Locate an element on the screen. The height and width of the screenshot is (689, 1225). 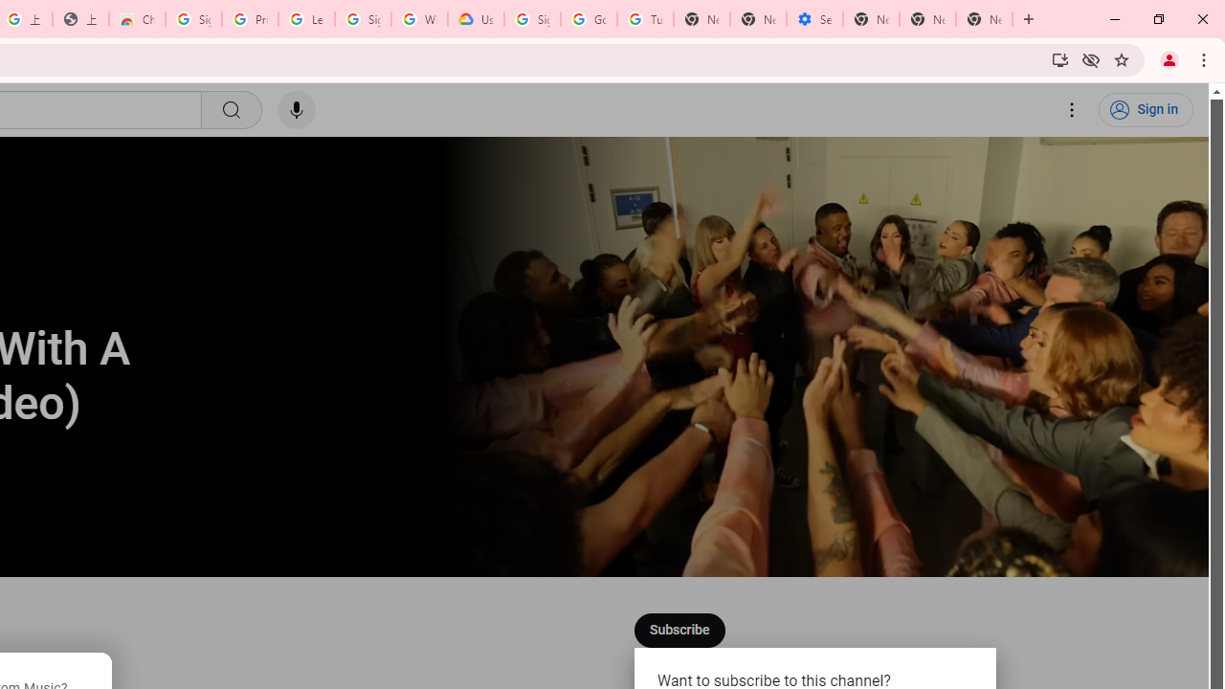
'Chrome Web Store' is located at coordinates (136, 19).